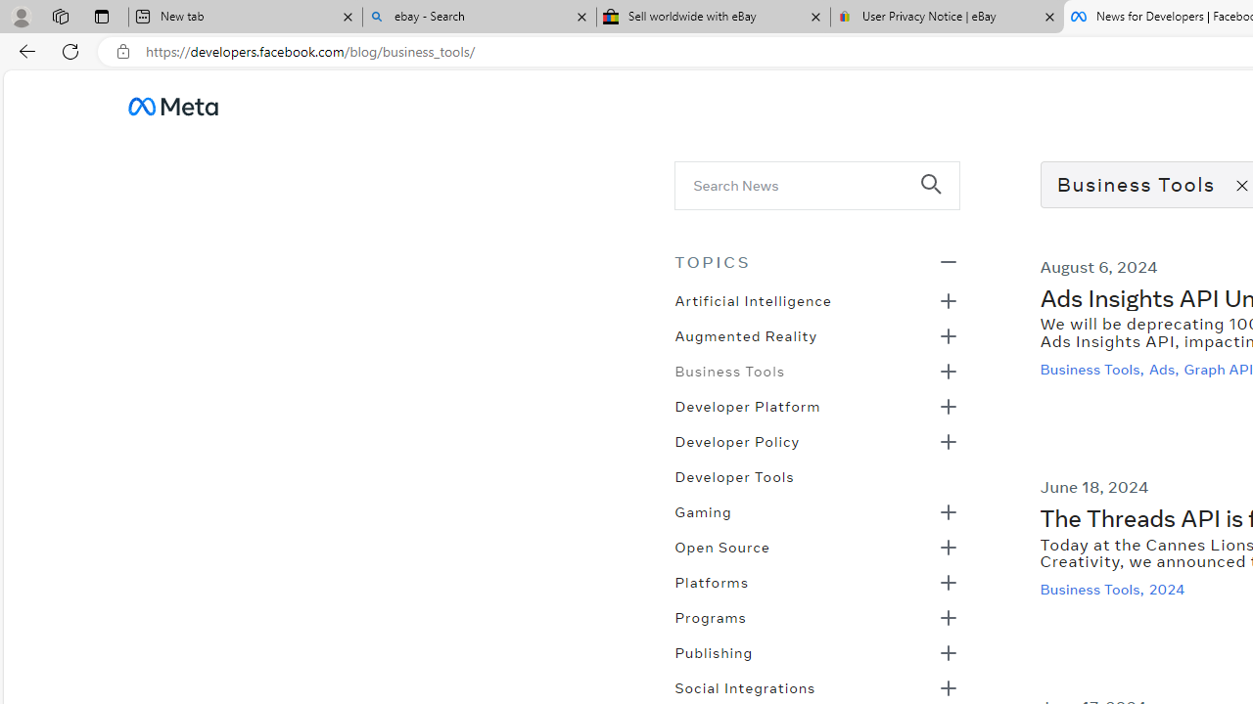  Describe the element at coordinates (1166, 369) in the screenshot. I see `'Ads,'` at that location.